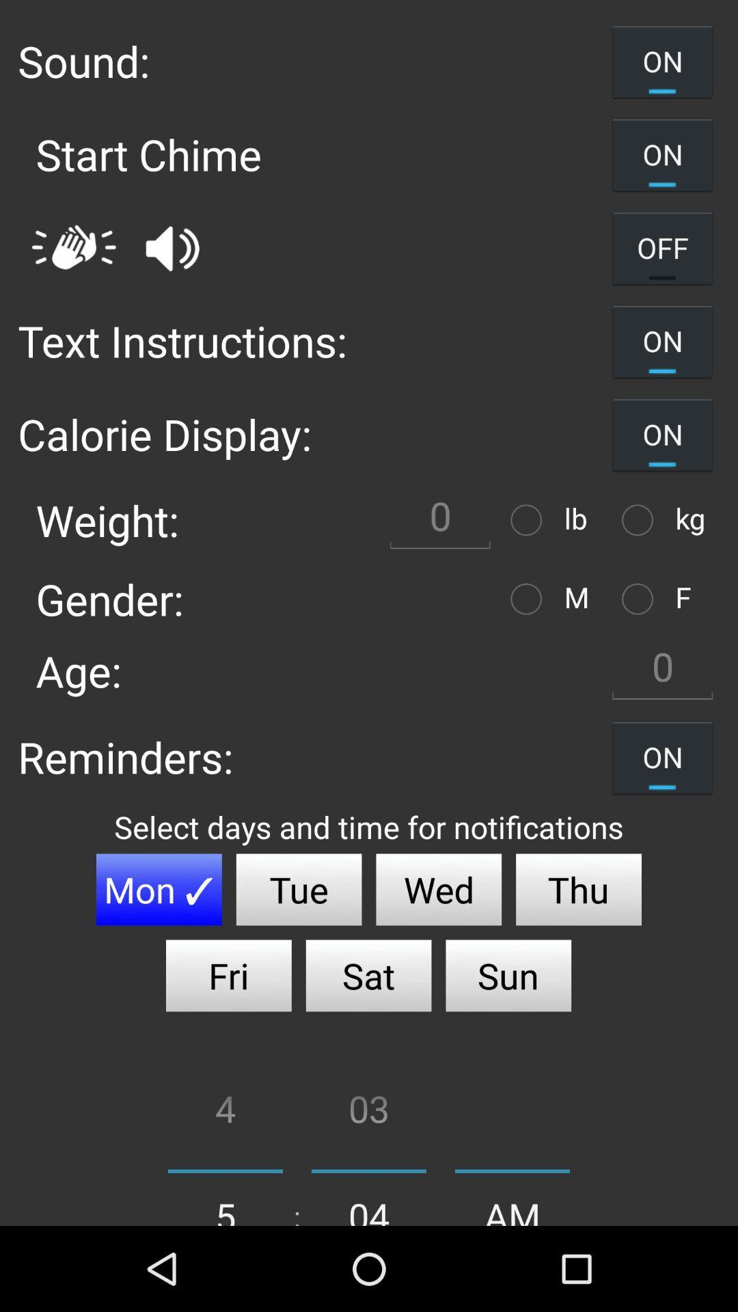 This screenshot has height=1312, width=738. I want to click on weight meter, so click(529, 519).